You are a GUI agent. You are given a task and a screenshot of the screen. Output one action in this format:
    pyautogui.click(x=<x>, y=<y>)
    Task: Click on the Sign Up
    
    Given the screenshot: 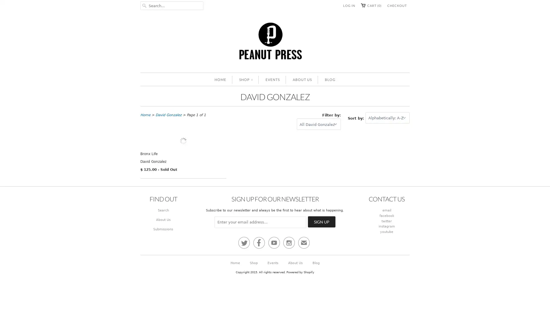 What is the action you would take?
    pyautogui.click(x=322, y=272)
    